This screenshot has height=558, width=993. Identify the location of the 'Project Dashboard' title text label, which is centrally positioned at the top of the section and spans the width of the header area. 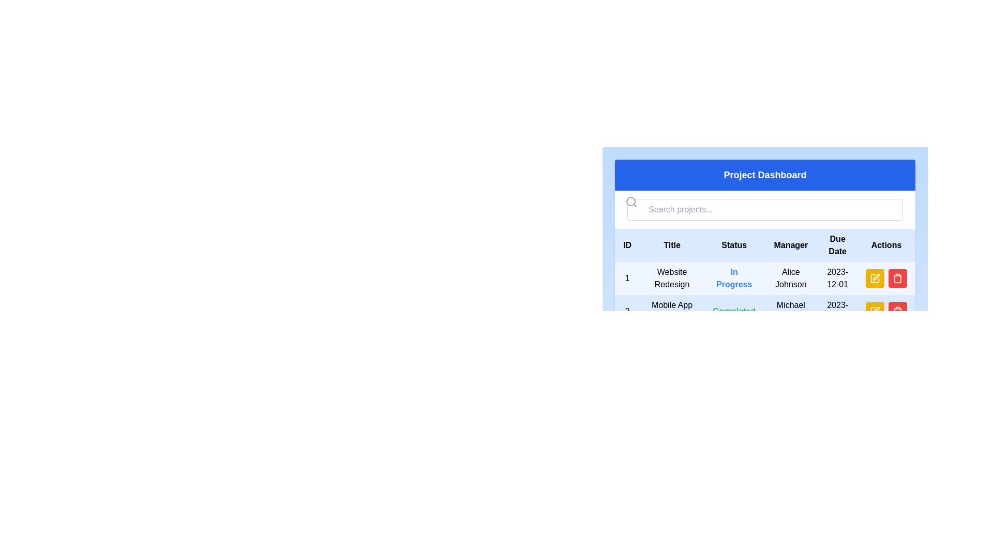
(765, 175).